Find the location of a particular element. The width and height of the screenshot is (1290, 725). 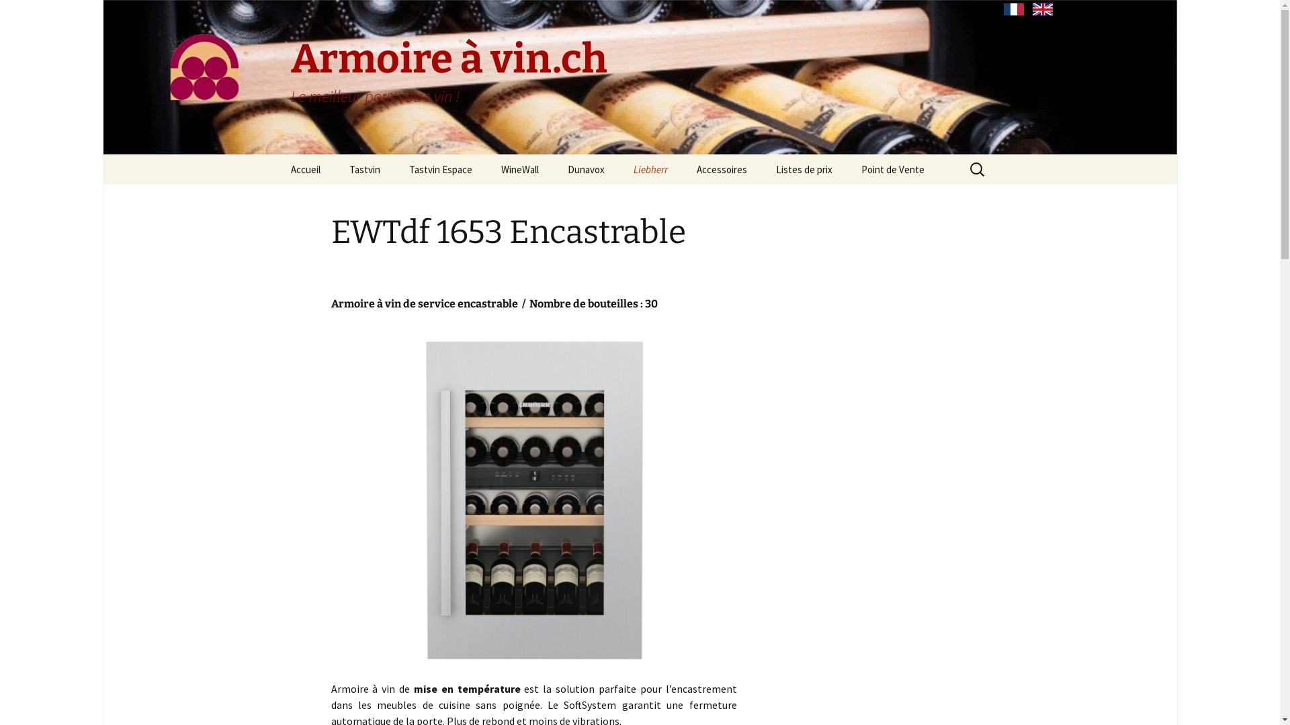

'Point de Vente' is located at coordinates (847, 168).